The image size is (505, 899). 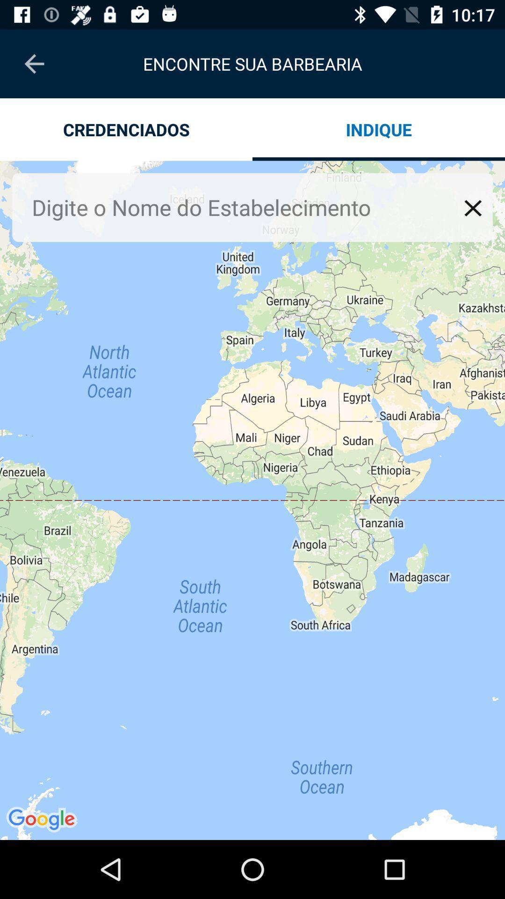 What do you see at coordinates (252, 500) in the screenshot?
I see `icon at the center` at bounding box center [252, 500].